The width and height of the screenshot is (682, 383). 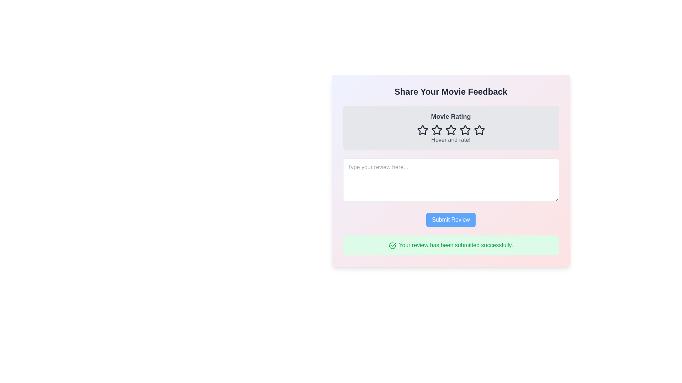 I want to click on the rectangular 'Submit Review' button with a blue background, so click(x=450, y=220).